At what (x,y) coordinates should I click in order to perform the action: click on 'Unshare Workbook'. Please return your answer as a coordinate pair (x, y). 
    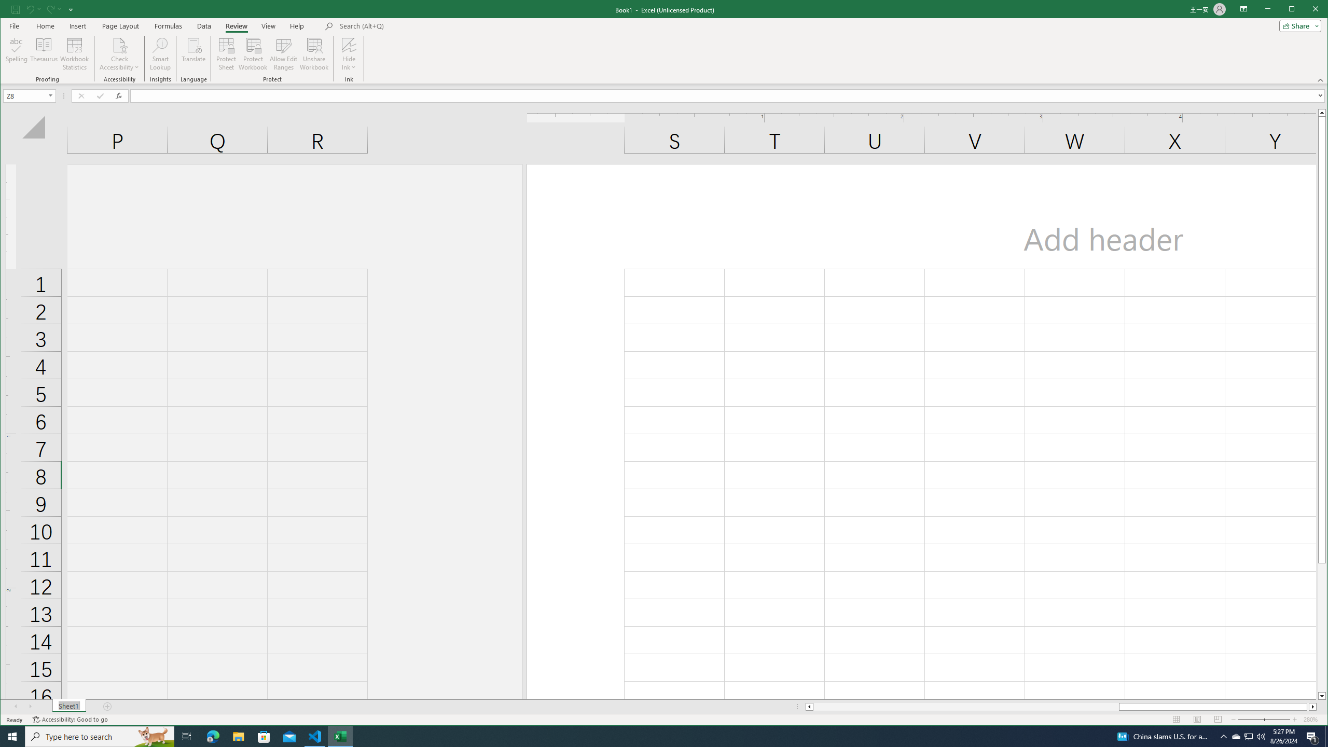
    Looking at the image, I should click on (313, 53).